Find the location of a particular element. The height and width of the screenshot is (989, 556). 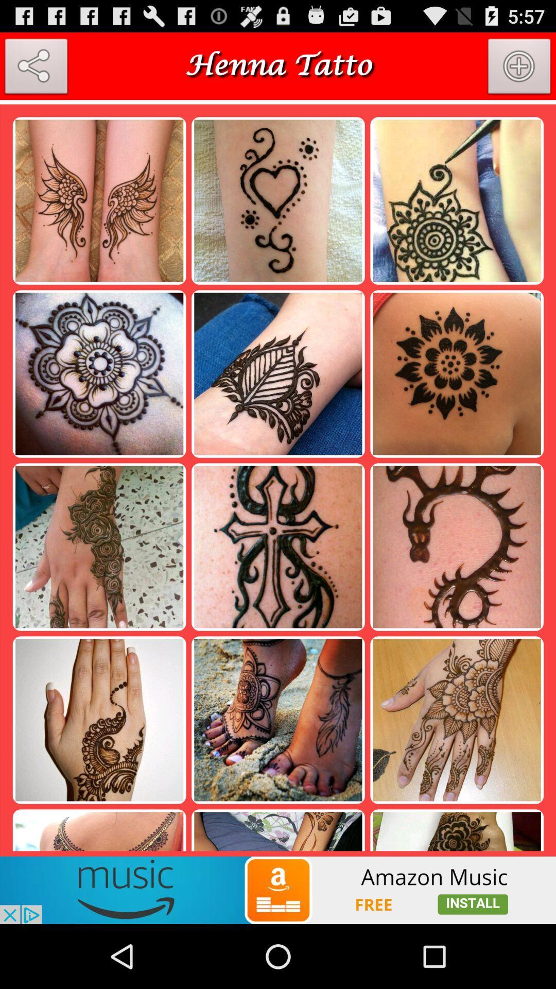

videos of mehndi designs tutorial that how to make mehndi designs easily is located at coordinates (278, 890).